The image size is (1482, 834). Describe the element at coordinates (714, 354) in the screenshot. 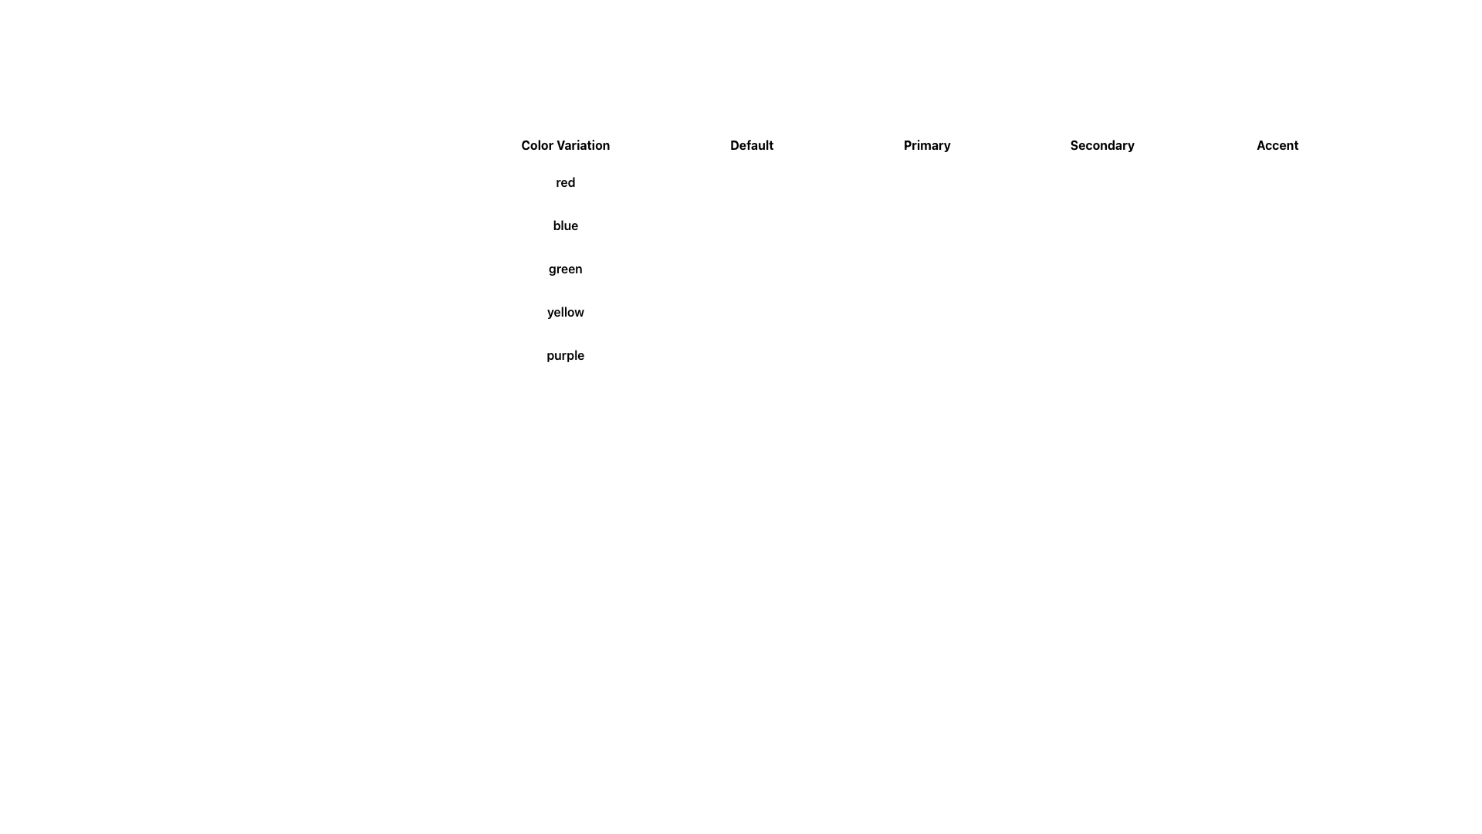

I see `the button labeled 'purple' located in the last row of the list under the Default column for keyboard interaction` at that location.